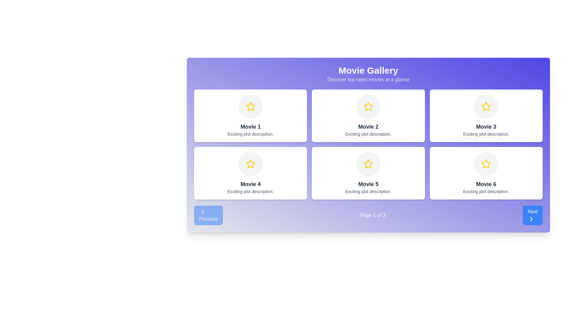 This screenshot has width=587, height=330. I want to click on the circular icon with a light gray background and a centered yellow star, located in the bottom-middle tile of the grid section aligned with the 'Movie 5' label, so click(368, 163).